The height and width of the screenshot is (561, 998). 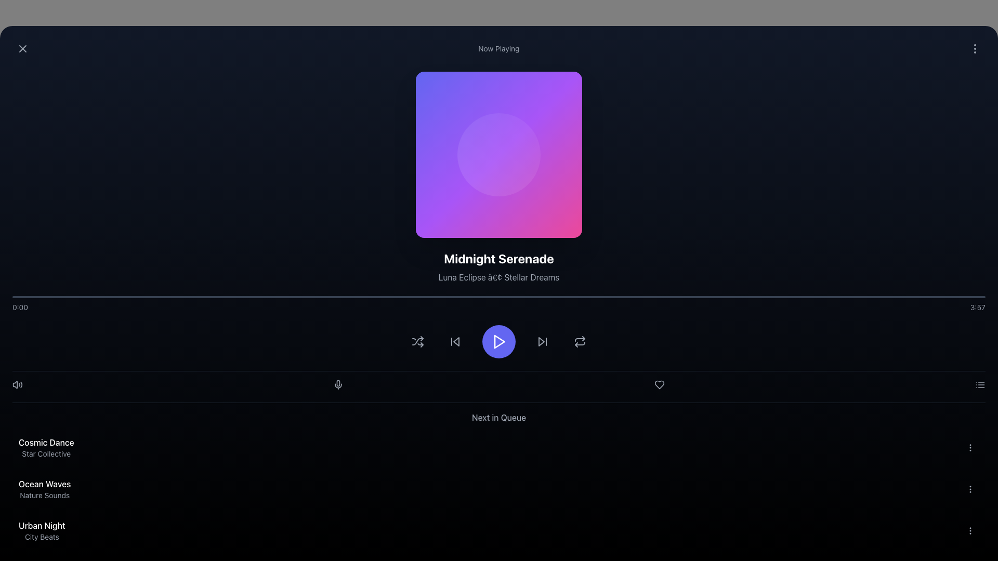 I want to click on the heart-shaped icon located on the right-hand side of the interface, near the bottom, aligned horizontally with the 'Next in Queue' label, so click(x=659, y=384).